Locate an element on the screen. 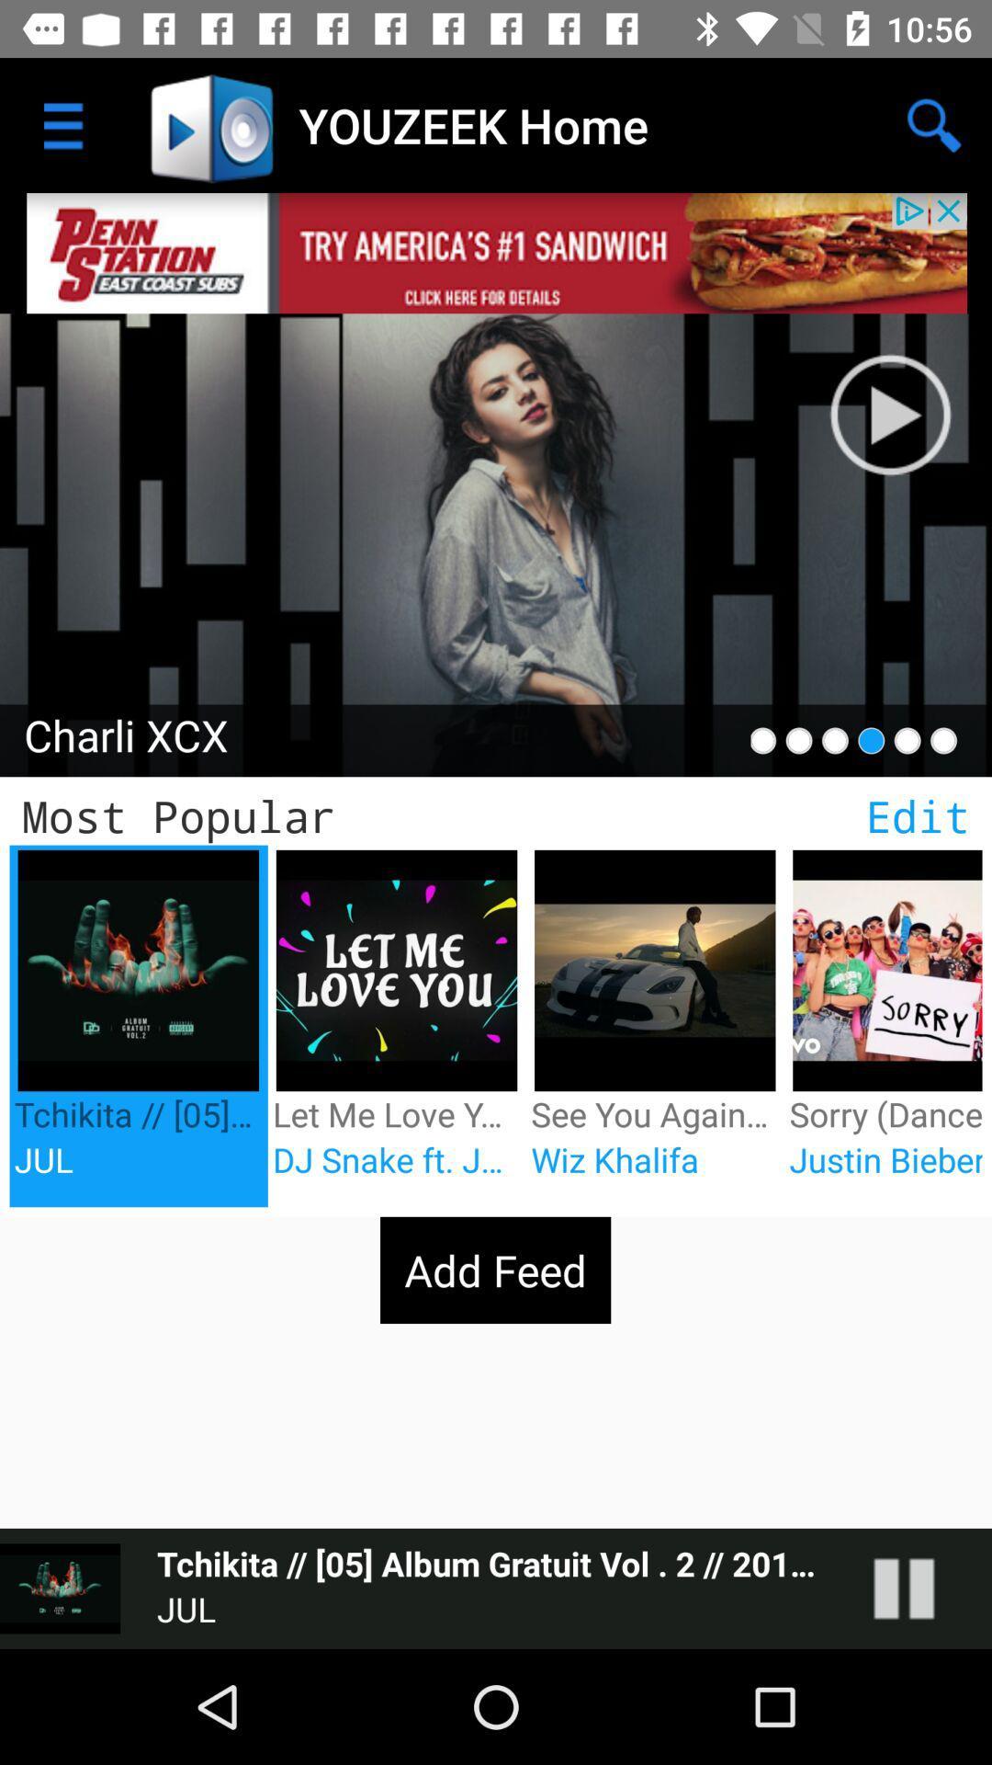  music is located at coordinates (909, 394).